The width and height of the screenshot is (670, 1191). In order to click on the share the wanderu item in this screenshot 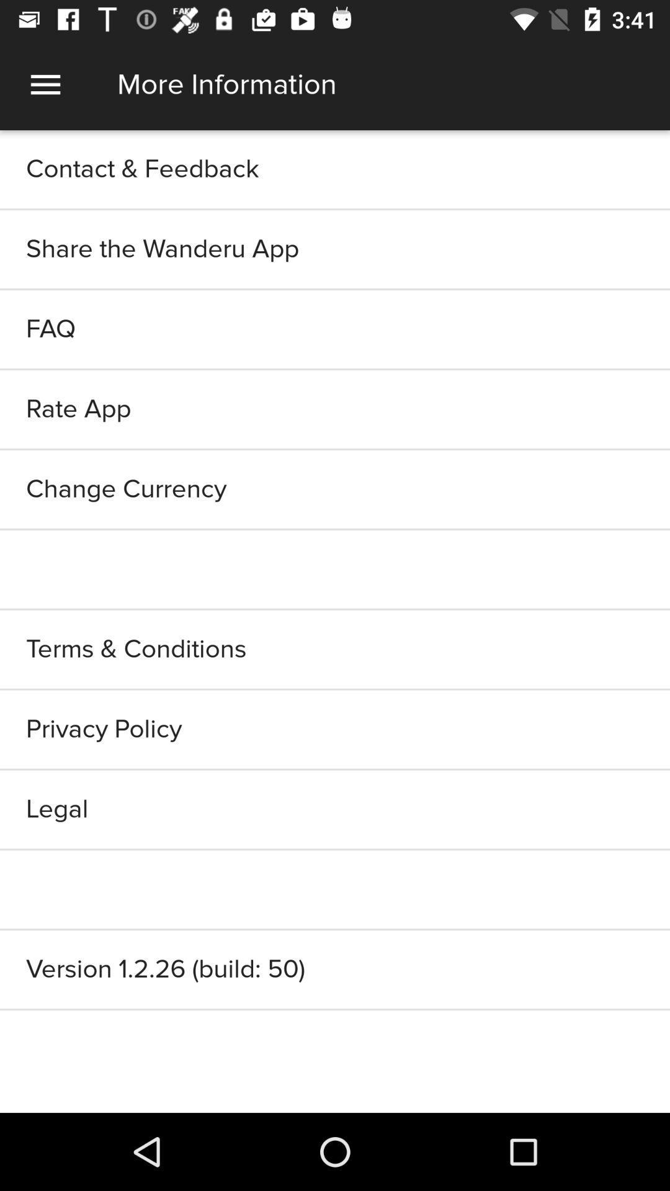, I will do `click(335, 249)`.